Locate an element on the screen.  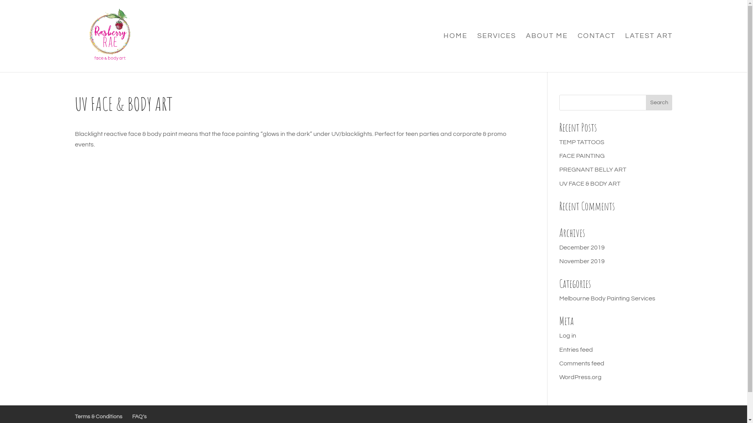
'Search' is located at coordinates (659, 102).